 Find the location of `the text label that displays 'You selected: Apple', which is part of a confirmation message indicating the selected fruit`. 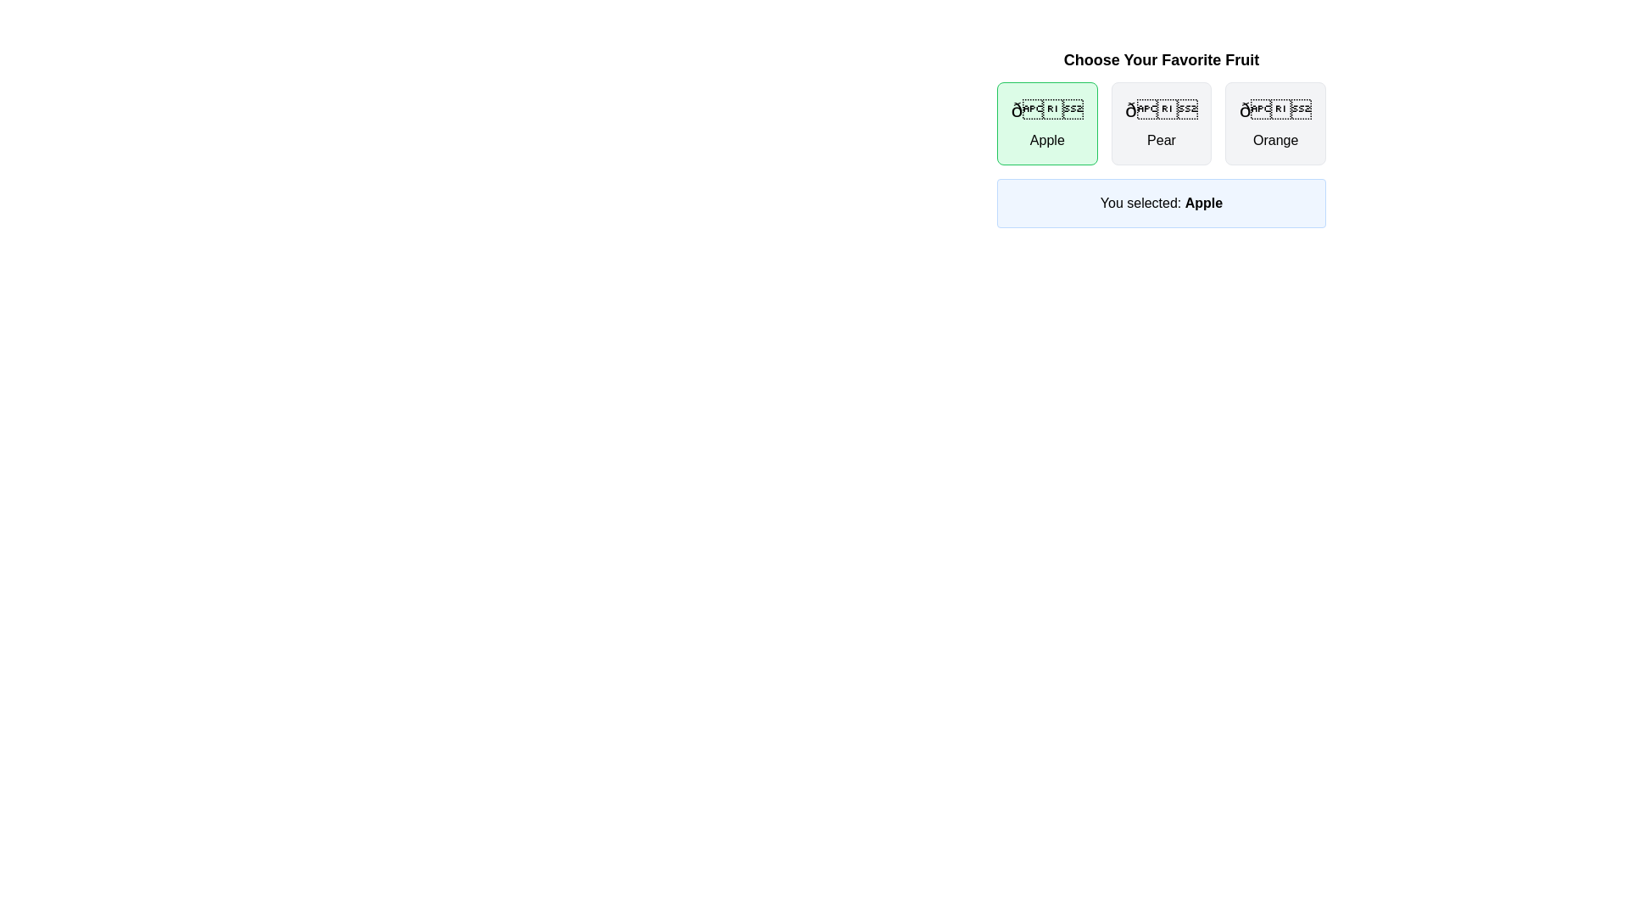

the text label that displays 'You selected: Apple', which is part of a confirmation message indicating the selected fruit is located at coordinates (1203, 202).